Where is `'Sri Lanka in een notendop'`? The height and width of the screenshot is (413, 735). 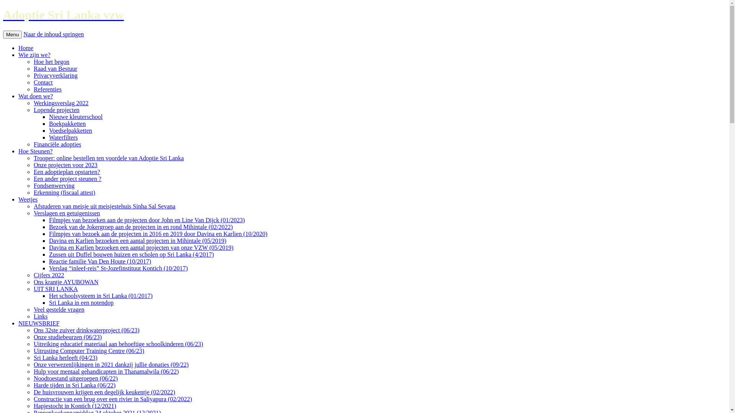 'Sri Lanka in een notendop' is located at coordinates (81, 302).